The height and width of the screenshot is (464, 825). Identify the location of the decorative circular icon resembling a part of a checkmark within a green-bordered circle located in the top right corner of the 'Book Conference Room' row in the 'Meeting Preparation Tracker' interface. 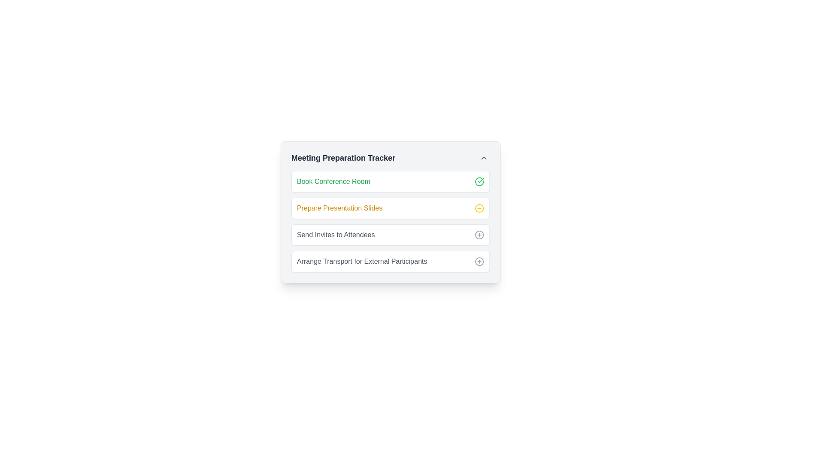
(479, 181).